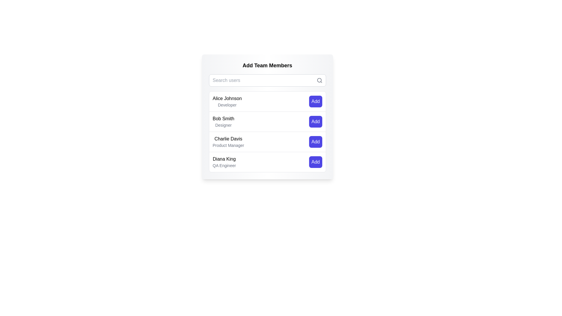 This screenshot has height=316, width=562. What do you see at coordinates (224, 166) in the screenshot?
I see `the informational text displaying the job title 'QA Engineer' associated with the name 'Diana King' in the fourth row of the 'Add Team Members' interface` at bounding box center [224, 166].